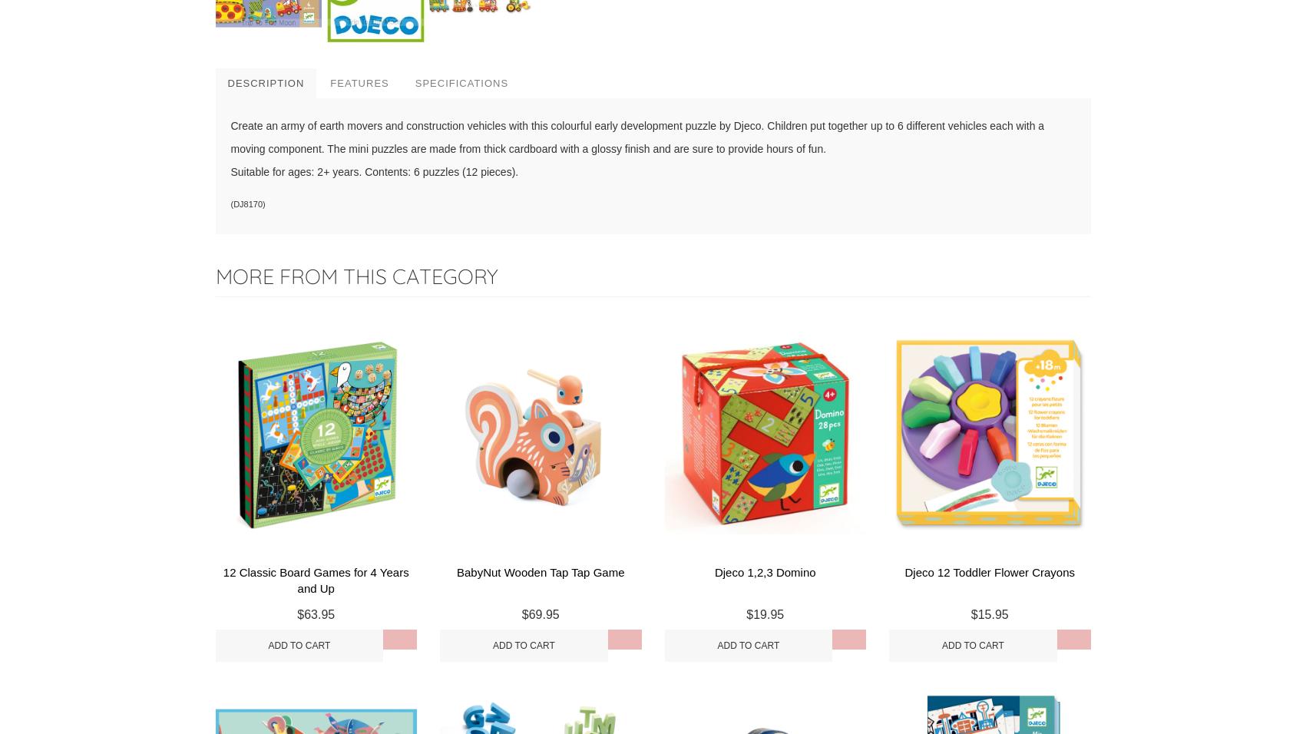 This screenshot has height=734, width=1306. Describe the element at coordinates (765, 613) in the screenshot. I see `'$19.95'` at that location.